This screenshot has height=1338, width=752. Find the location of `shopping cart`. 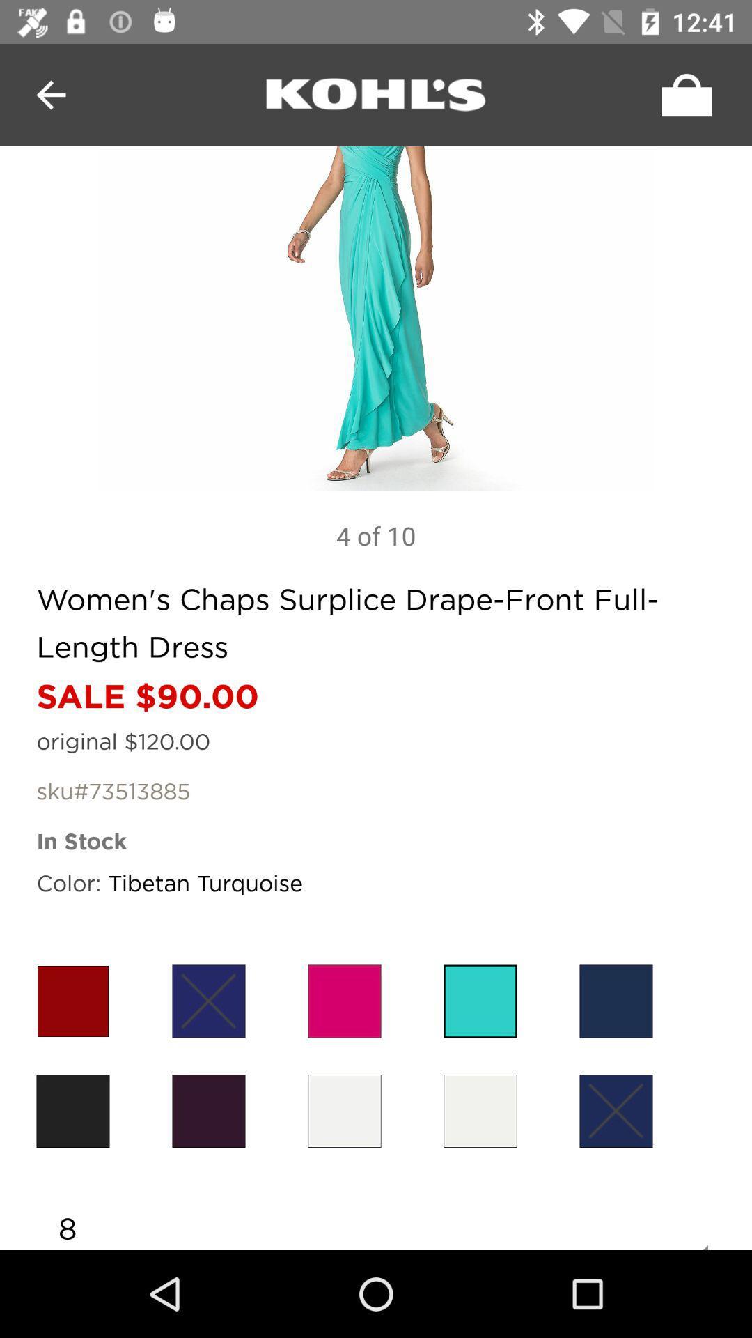

shopping cart is located at coordinates (682, 94).